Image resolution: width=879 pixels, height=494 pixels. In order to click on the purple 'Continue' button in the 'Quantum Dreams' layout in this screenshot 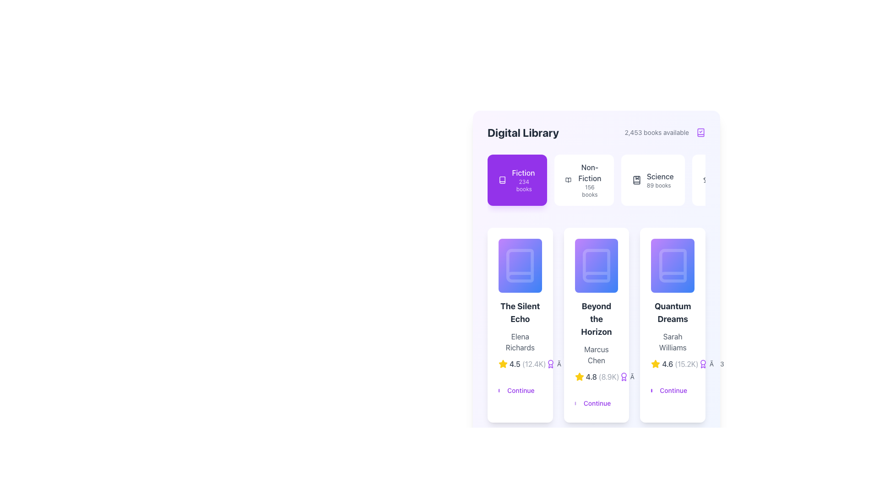, I will do `click(673, 387)`.